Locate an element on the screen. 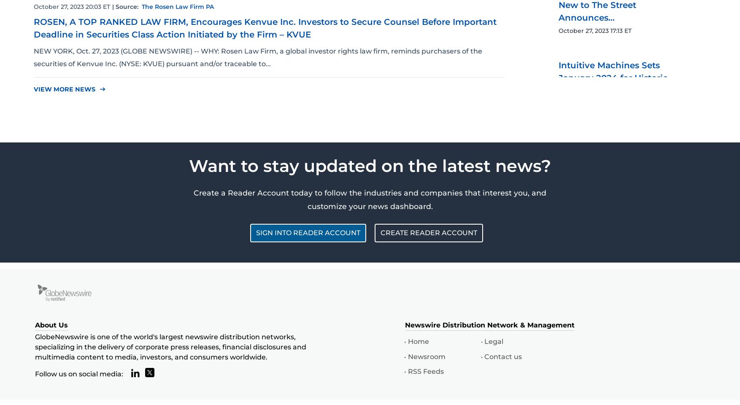  '|' is located at coordinates (113, 5).